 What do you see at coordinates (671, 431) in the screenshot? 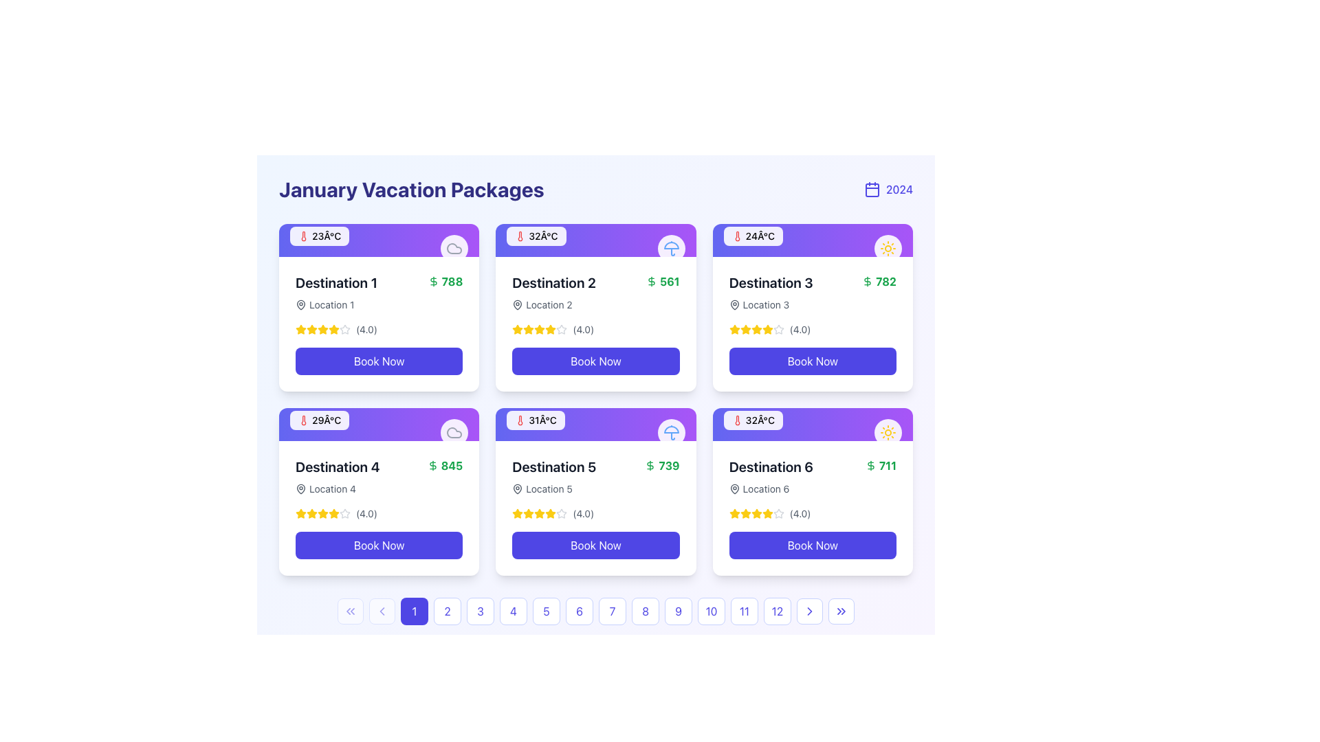
I see `the IconButton located at the top-right corner of the card labeled 'Destination 5', which visually indicates weather conditions for the vacation destination` at bounding box center [671, 431].